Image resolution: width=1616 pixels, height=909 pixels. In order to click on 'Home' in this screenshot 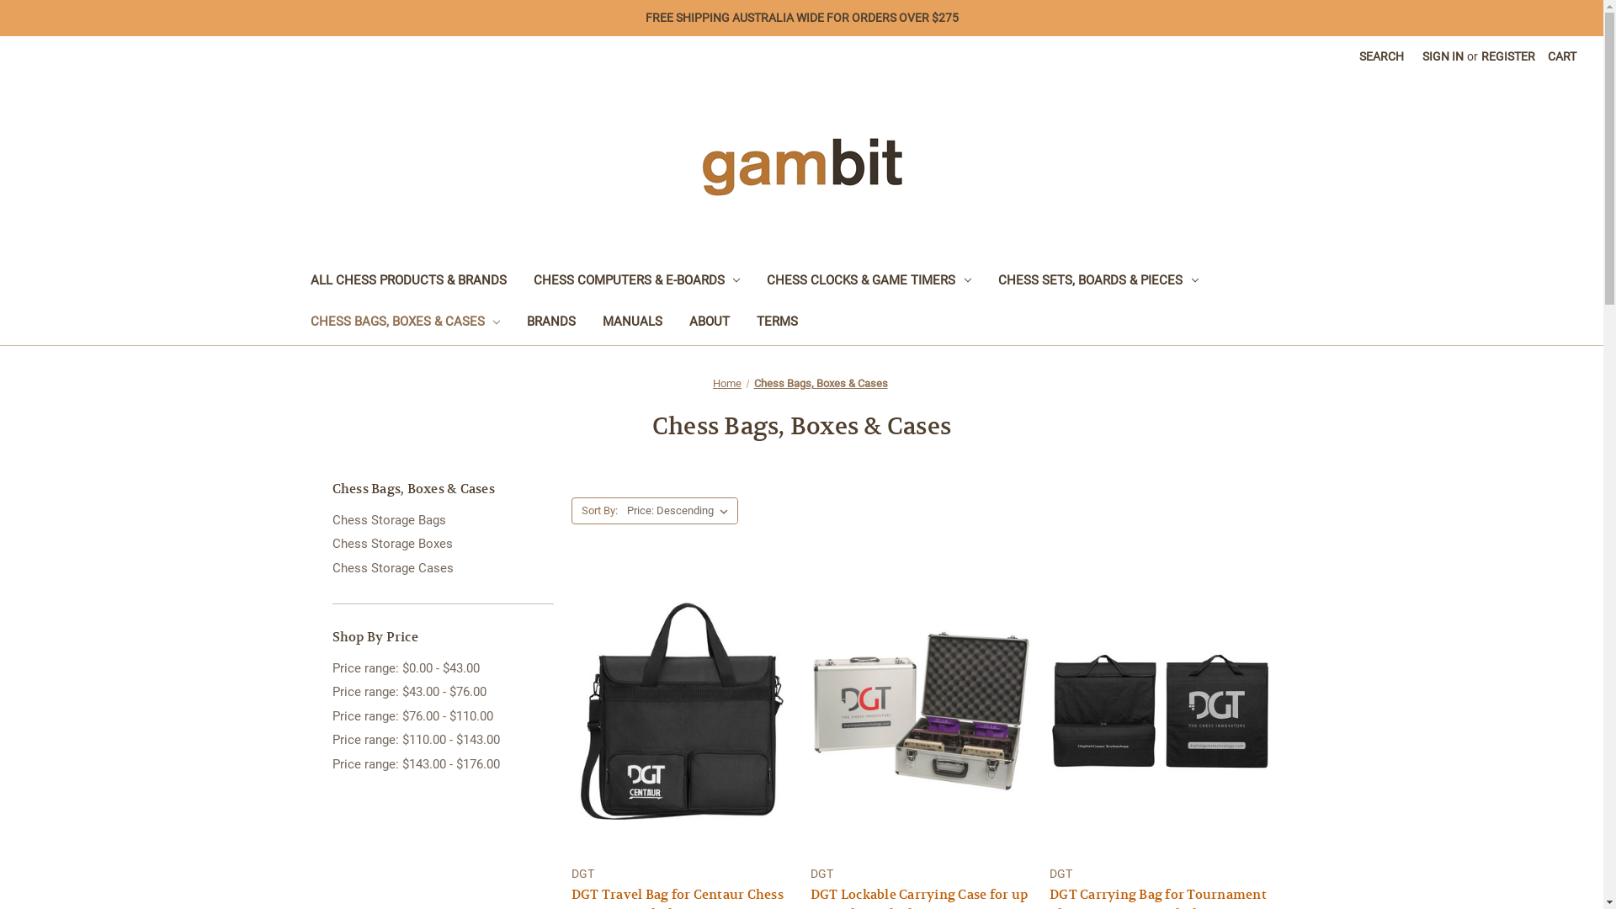, I will do `click(727, 383)`.